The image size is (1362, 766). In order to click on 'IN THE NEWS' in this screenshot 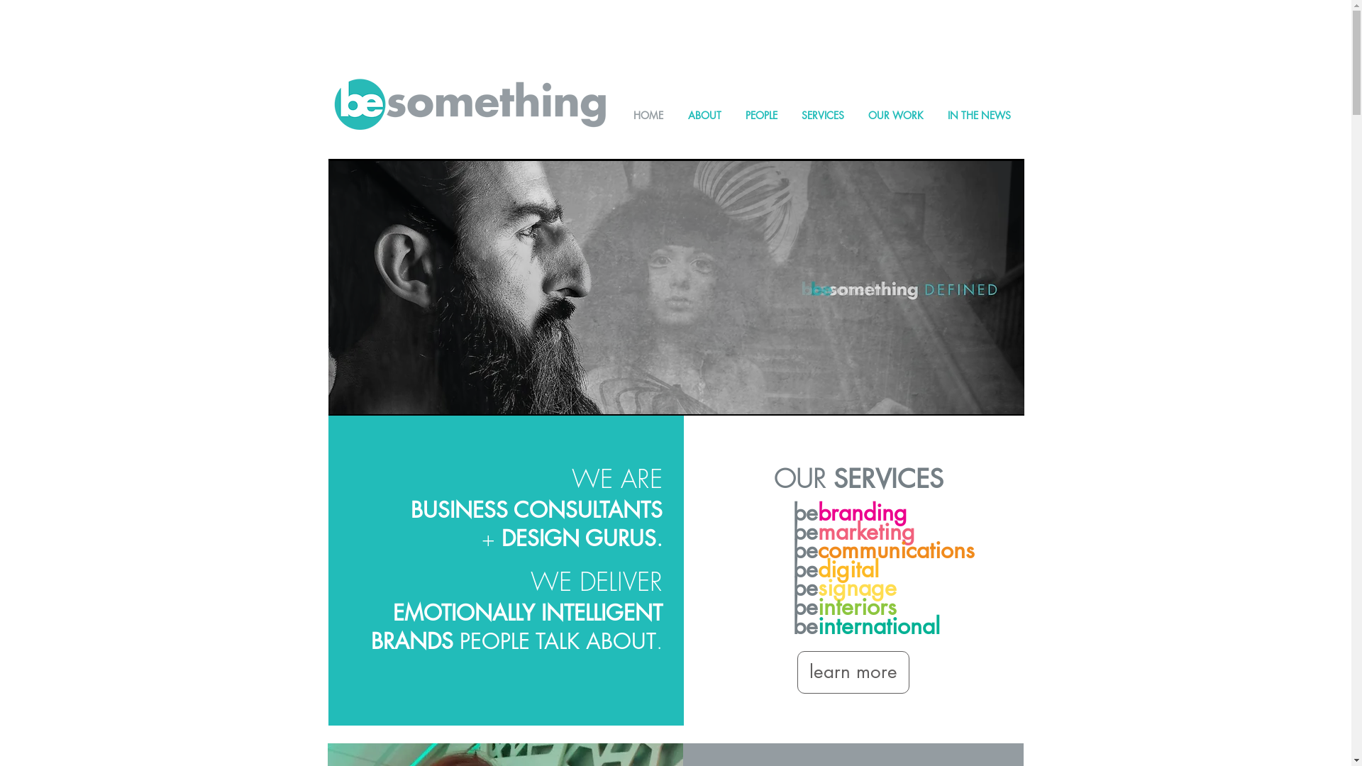, I will do `click(978, 114)`.